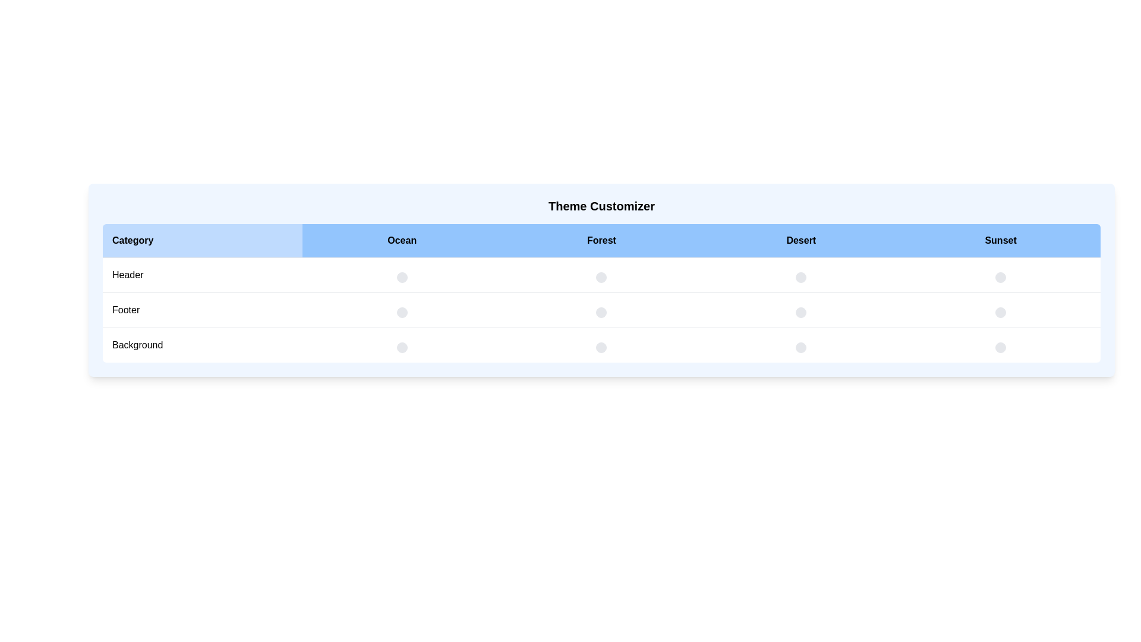 The width and height of the screenshot is (1141, 642). Describe the element at coordinates (1000, 348) in the screenshot. I see `the toggle button located in the bottom row of the grid under the 'Sunset' column` at that location.